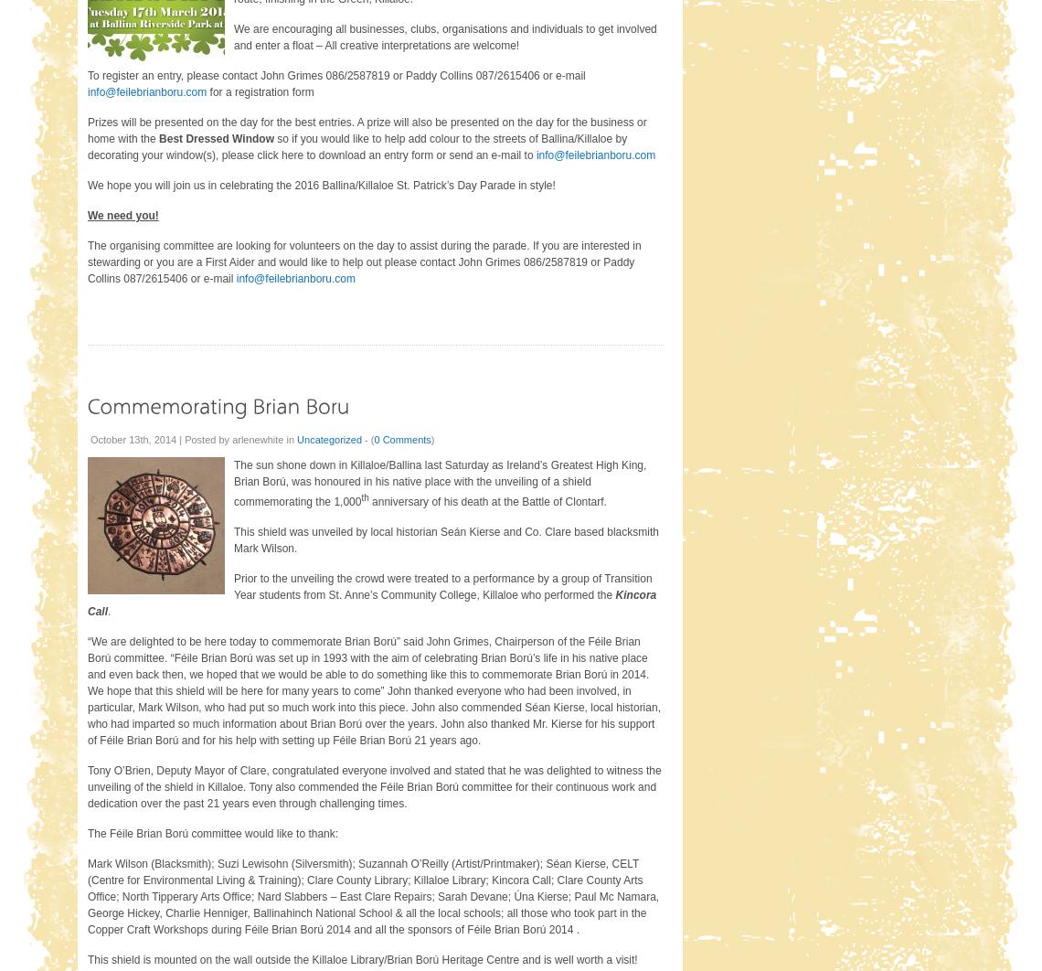 This screenshot has width=1042, height=971. What do you see at coordinates (161, 438) in the screenshot?
I see `'October 13th, 2014 | Posted by'` at bounding box center [161, 438].